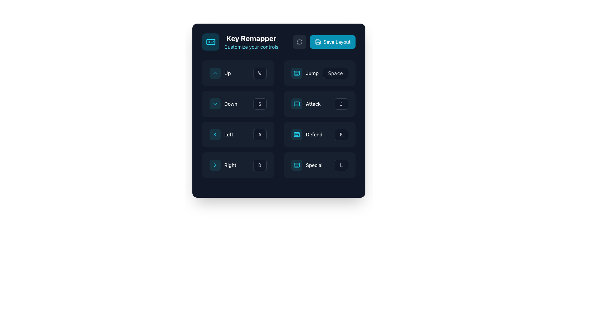 The image size is (590, 331). What do you see at coordinates (297, 104) in the screenshot?
I see `the IconButton that represents the 'Attack' action, positioned in the middle row of the layout grid above the 'Attack' label` at bounding box center [297, 104].